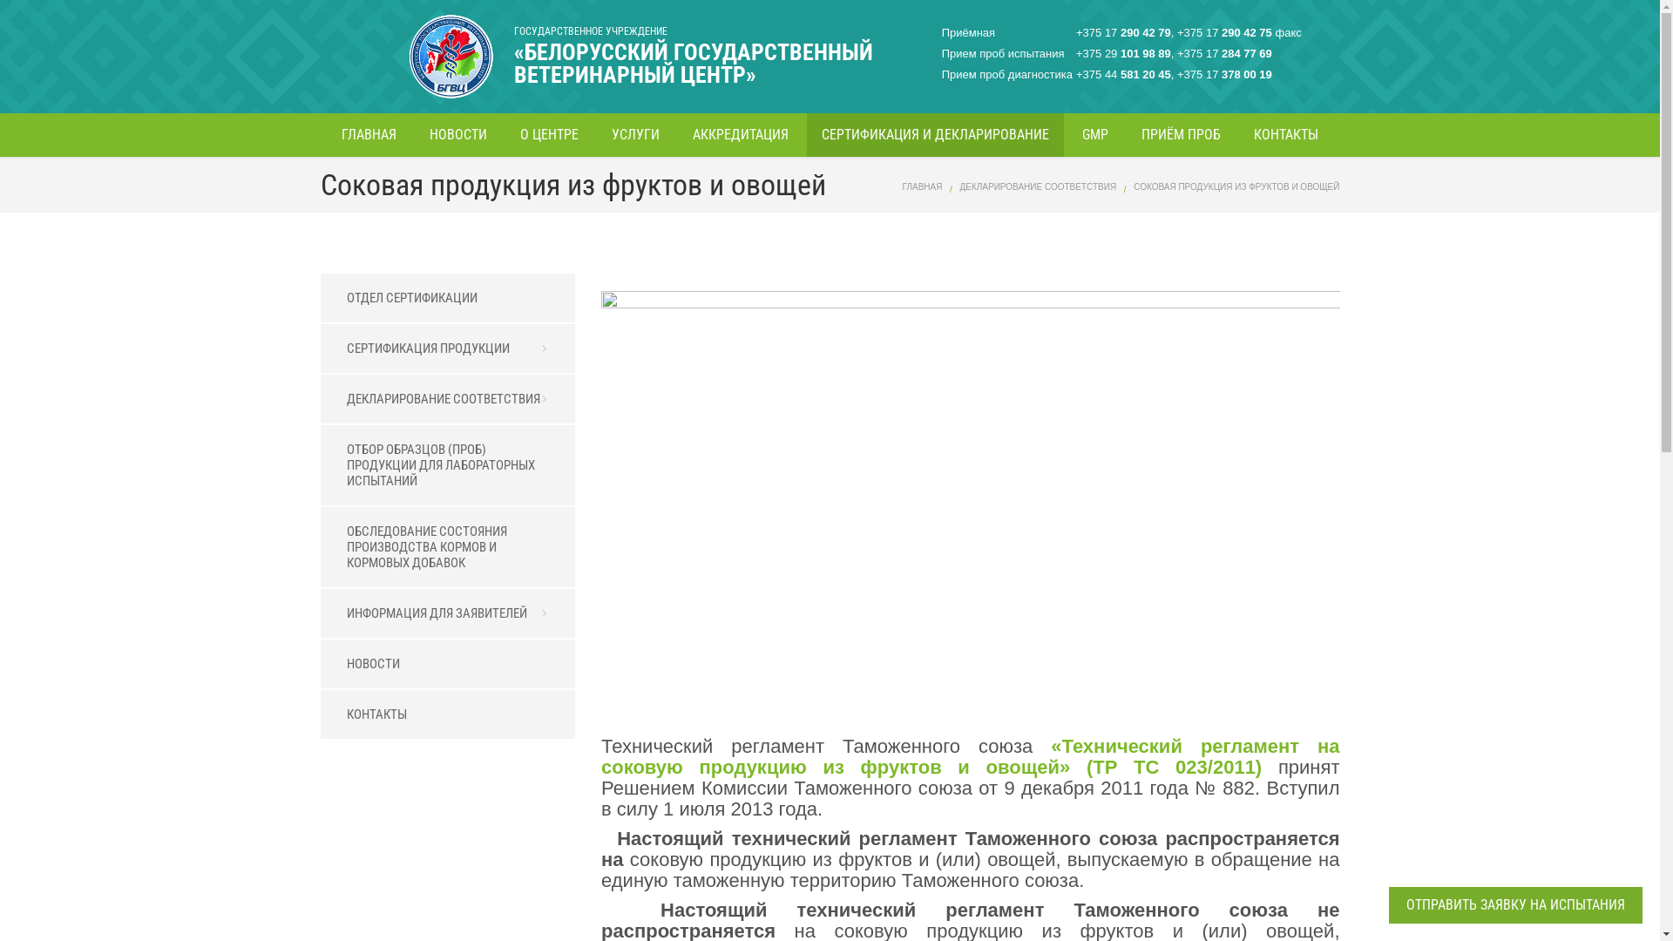 The width and height of the screenshot is (1673, 941). What do you see at coordinates (1094, 133) in the screenshot?
I see `'GMP'` at bounding box center [1094, 133].